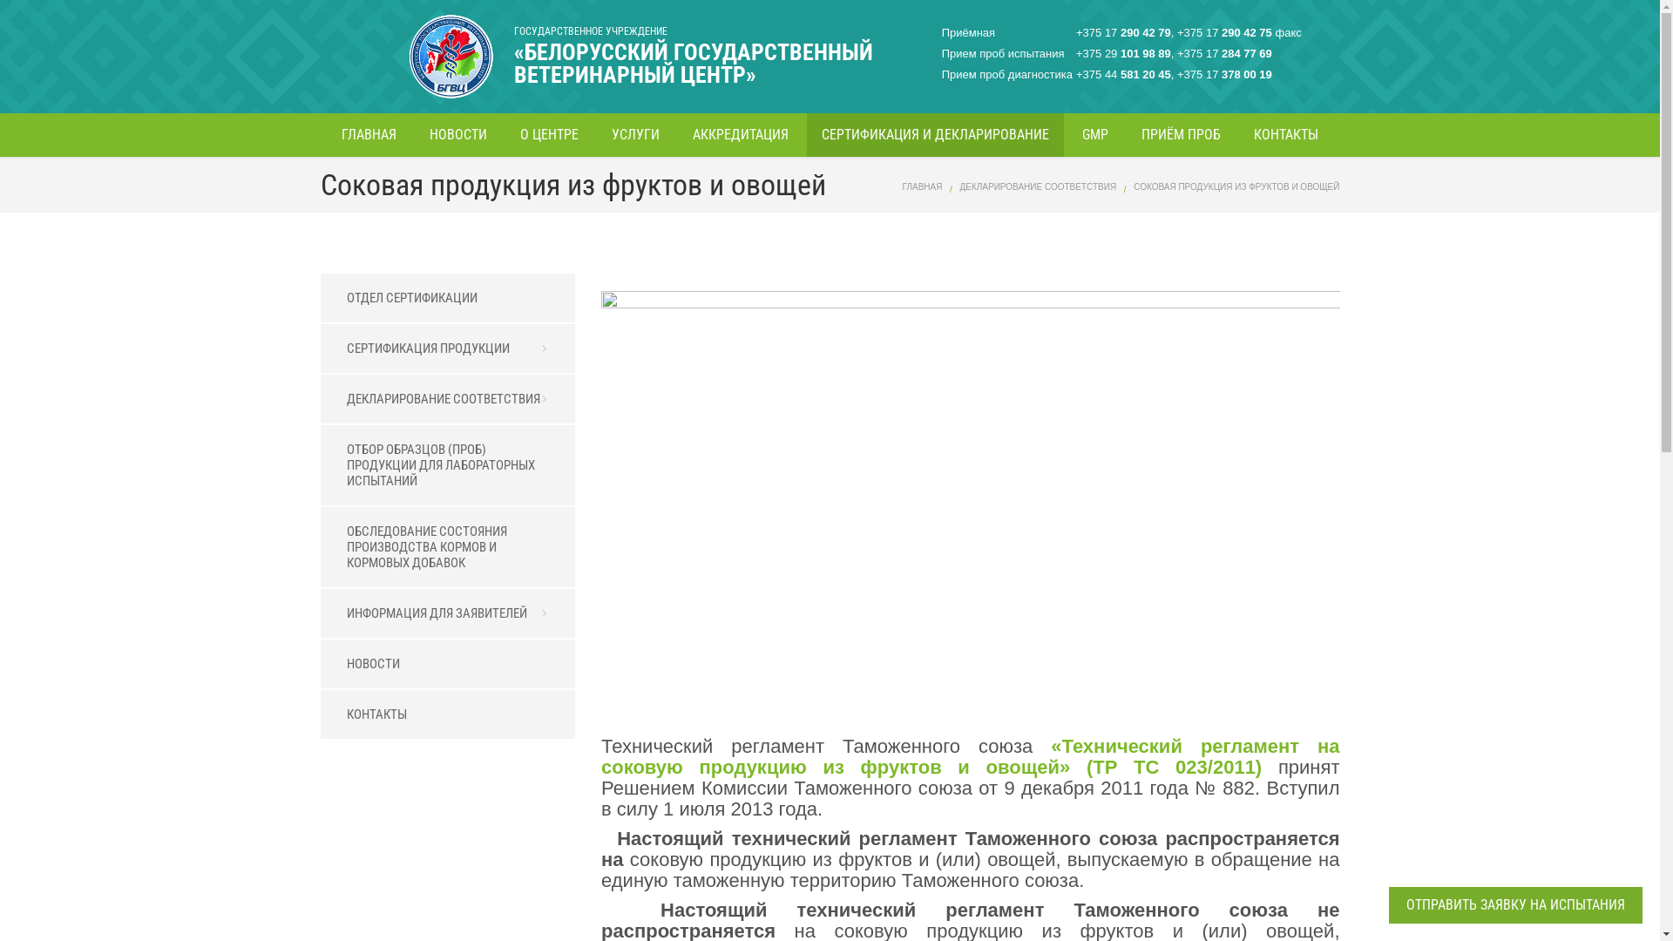 The width and height of the screenshot is (1673, 941). What do you see at coordinates (1094, 133) in the screenshot?
I see `'GMP'` at bounding box center [1094, 133].